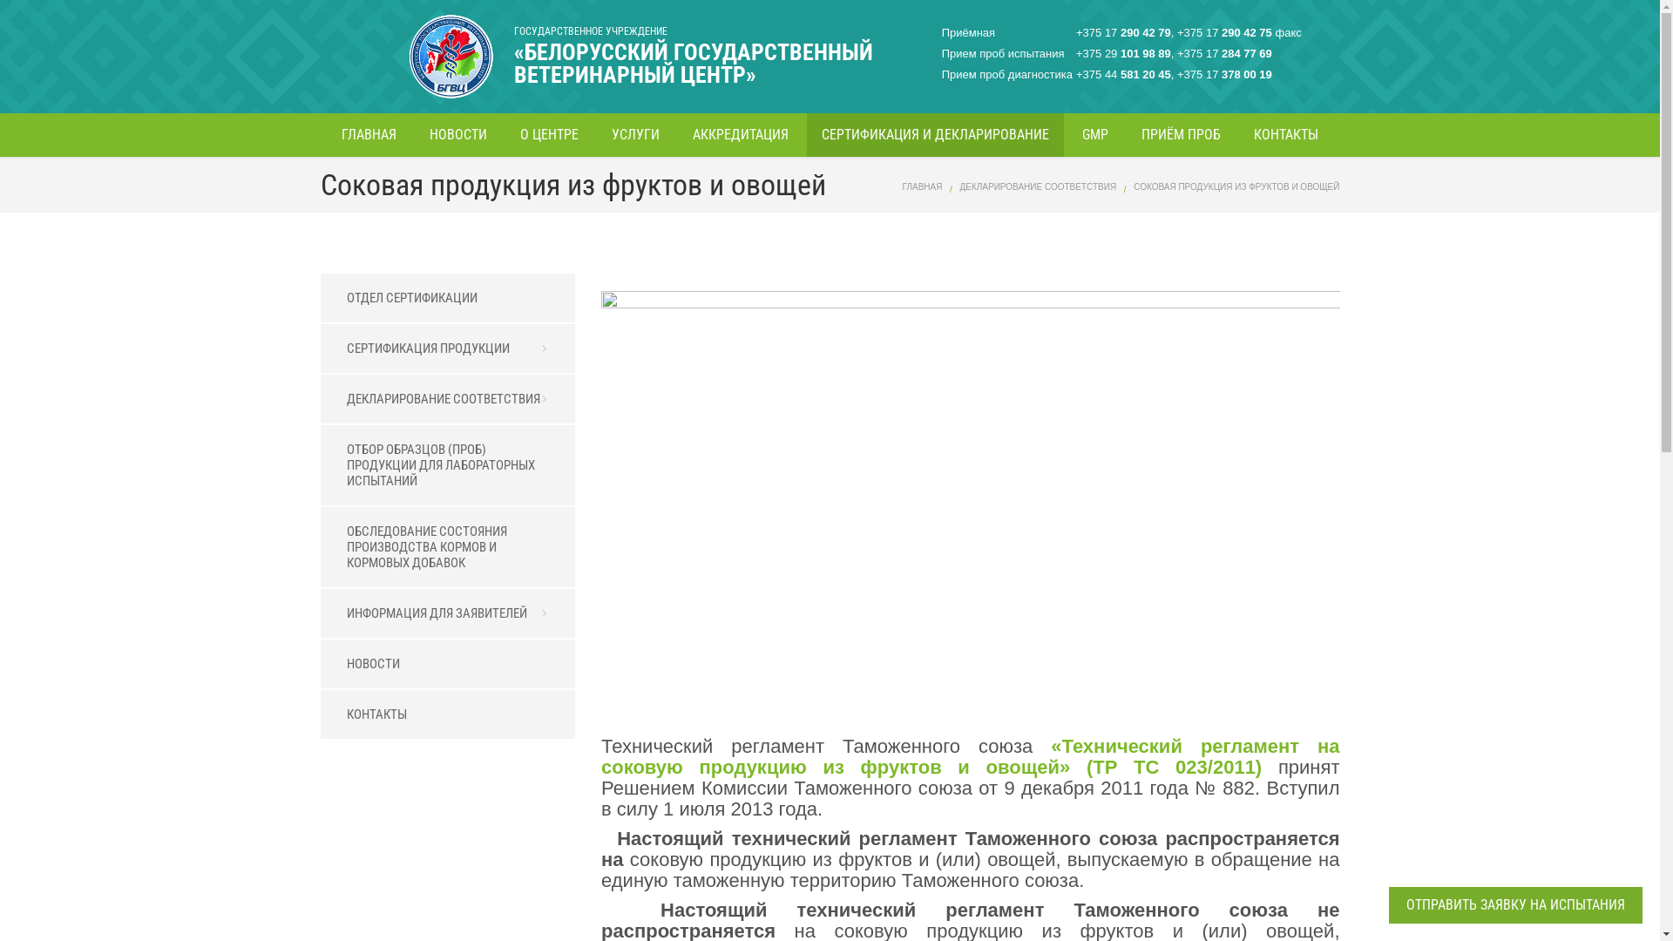 The width and height of the screenshot is (1673, 941). What do you see at coordinates (1094, 133) in the screenshot?
I see `'GMP'` at bounding box center [1094, 133].